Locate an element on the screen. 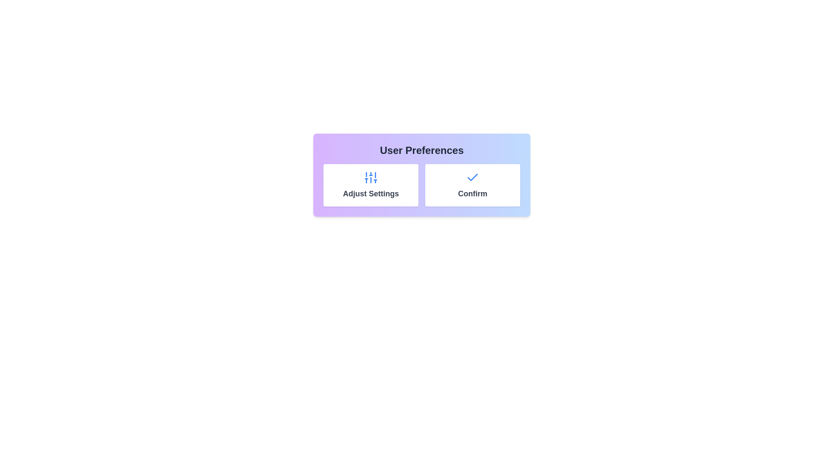  the 'User Preferences' text label, which is displayed in bold and large font, with a dark gray color on a gradient background transitioning from purple to blue is located at coordinates (421, 150).